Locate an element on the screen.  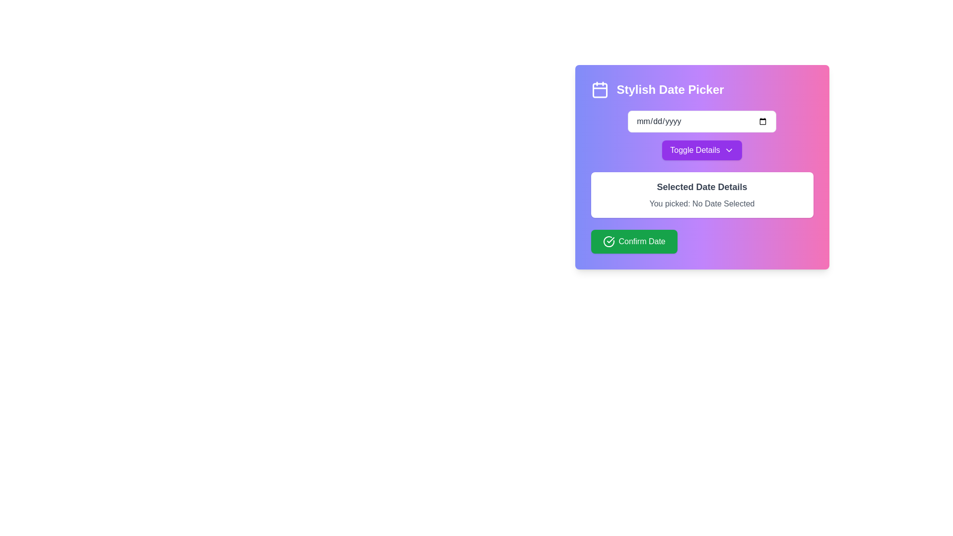
the informational text label that serves as a heading for the section detailing the selected date, positioned centrally above the text 'You picked: No Date Selected' is located at coordinates (701, 187).